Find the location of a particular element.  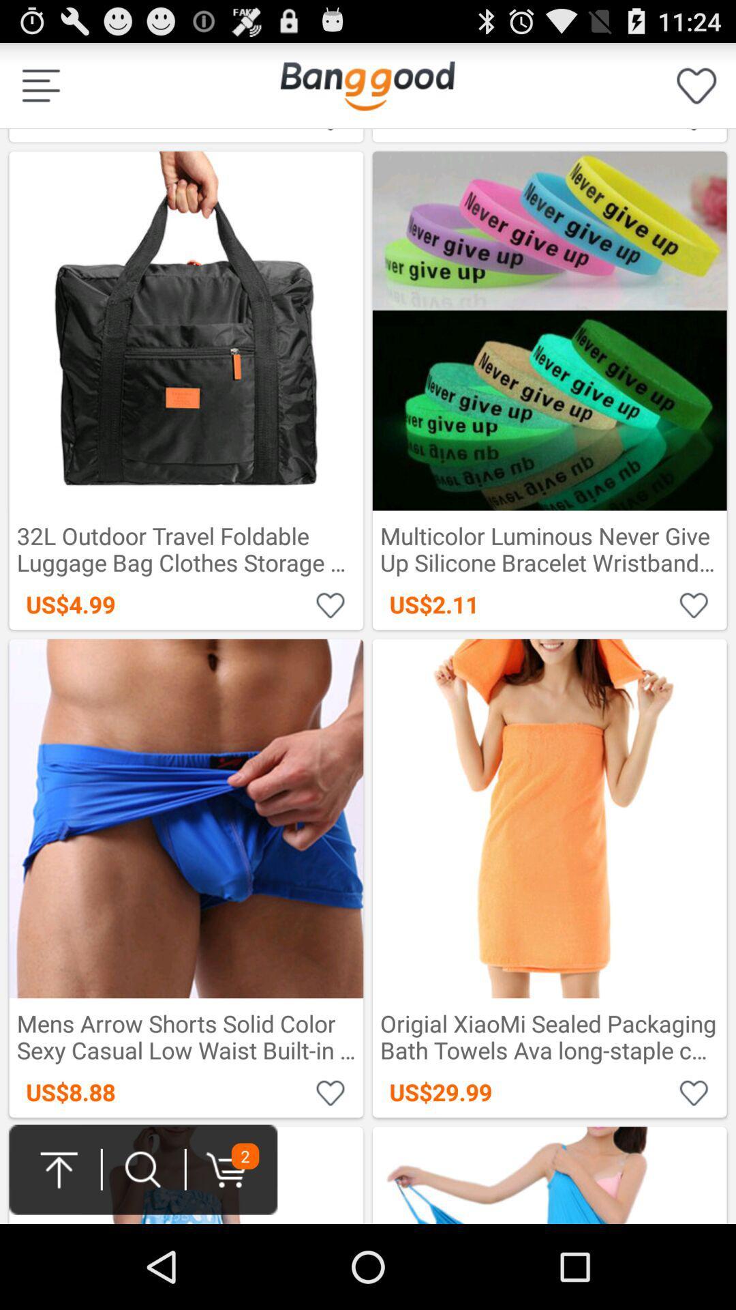

mens arrow shorts is located at coordinates (331, 1092).